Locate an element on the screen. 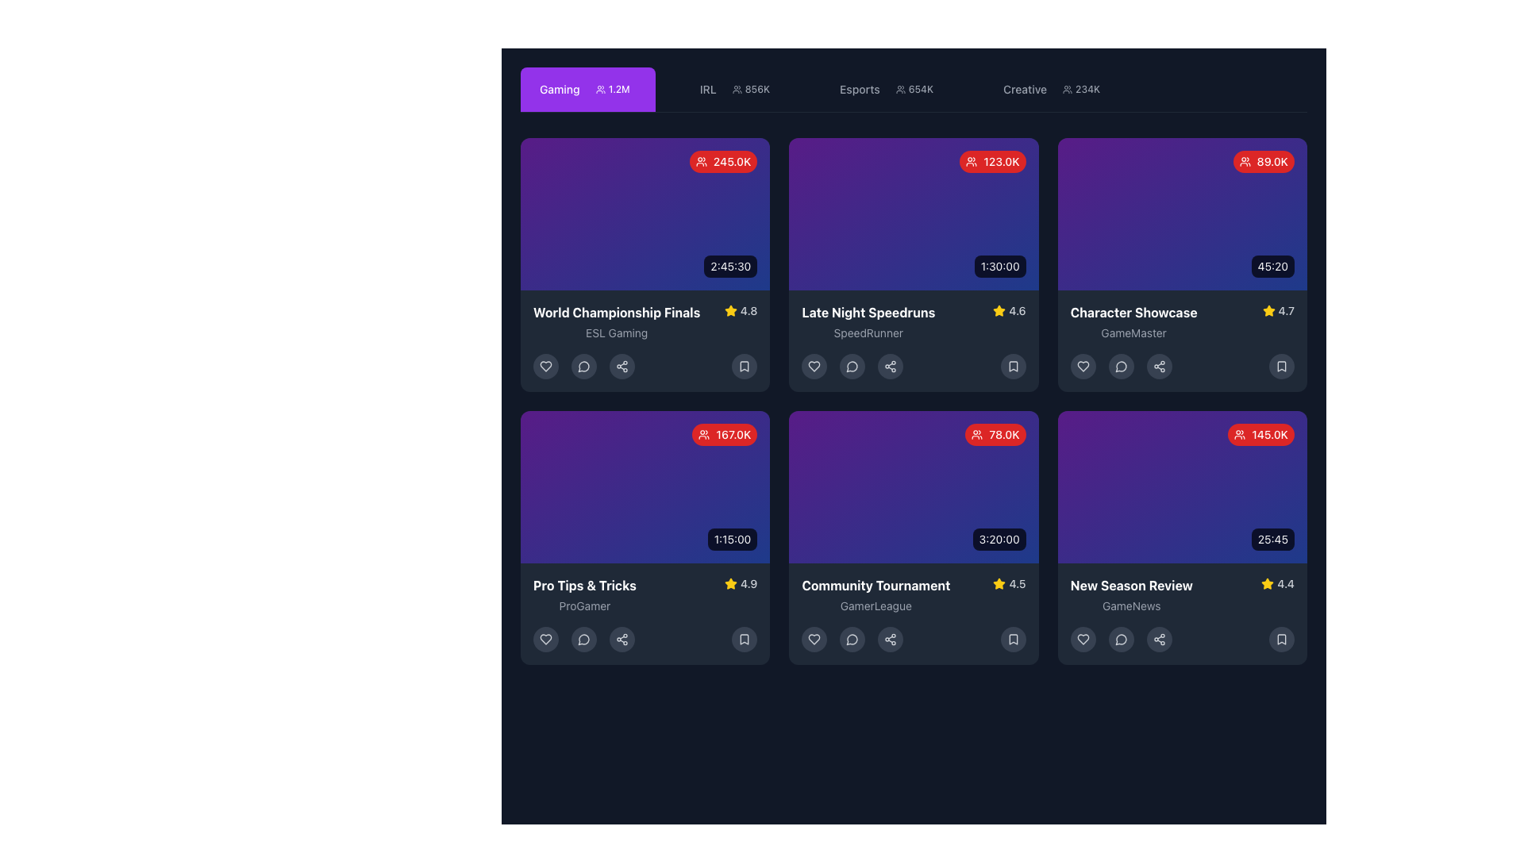 This screenshot has height=857, width=1524. the chat button with a speech bubble icon located as the third button in the interactive button row at the bottom of the 'Community Tournament' card to initiate a chat or messaging action is located at coordinates (852, 639).